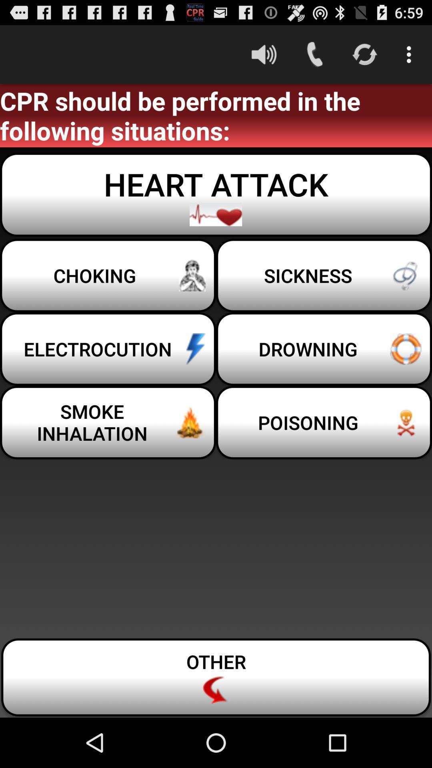 This screenshot has height=768, width=432. What do you see at coordinates (108, 349) in the screenshot?
I see `the item above smoke inhalation` at bounding box center [108, 349].